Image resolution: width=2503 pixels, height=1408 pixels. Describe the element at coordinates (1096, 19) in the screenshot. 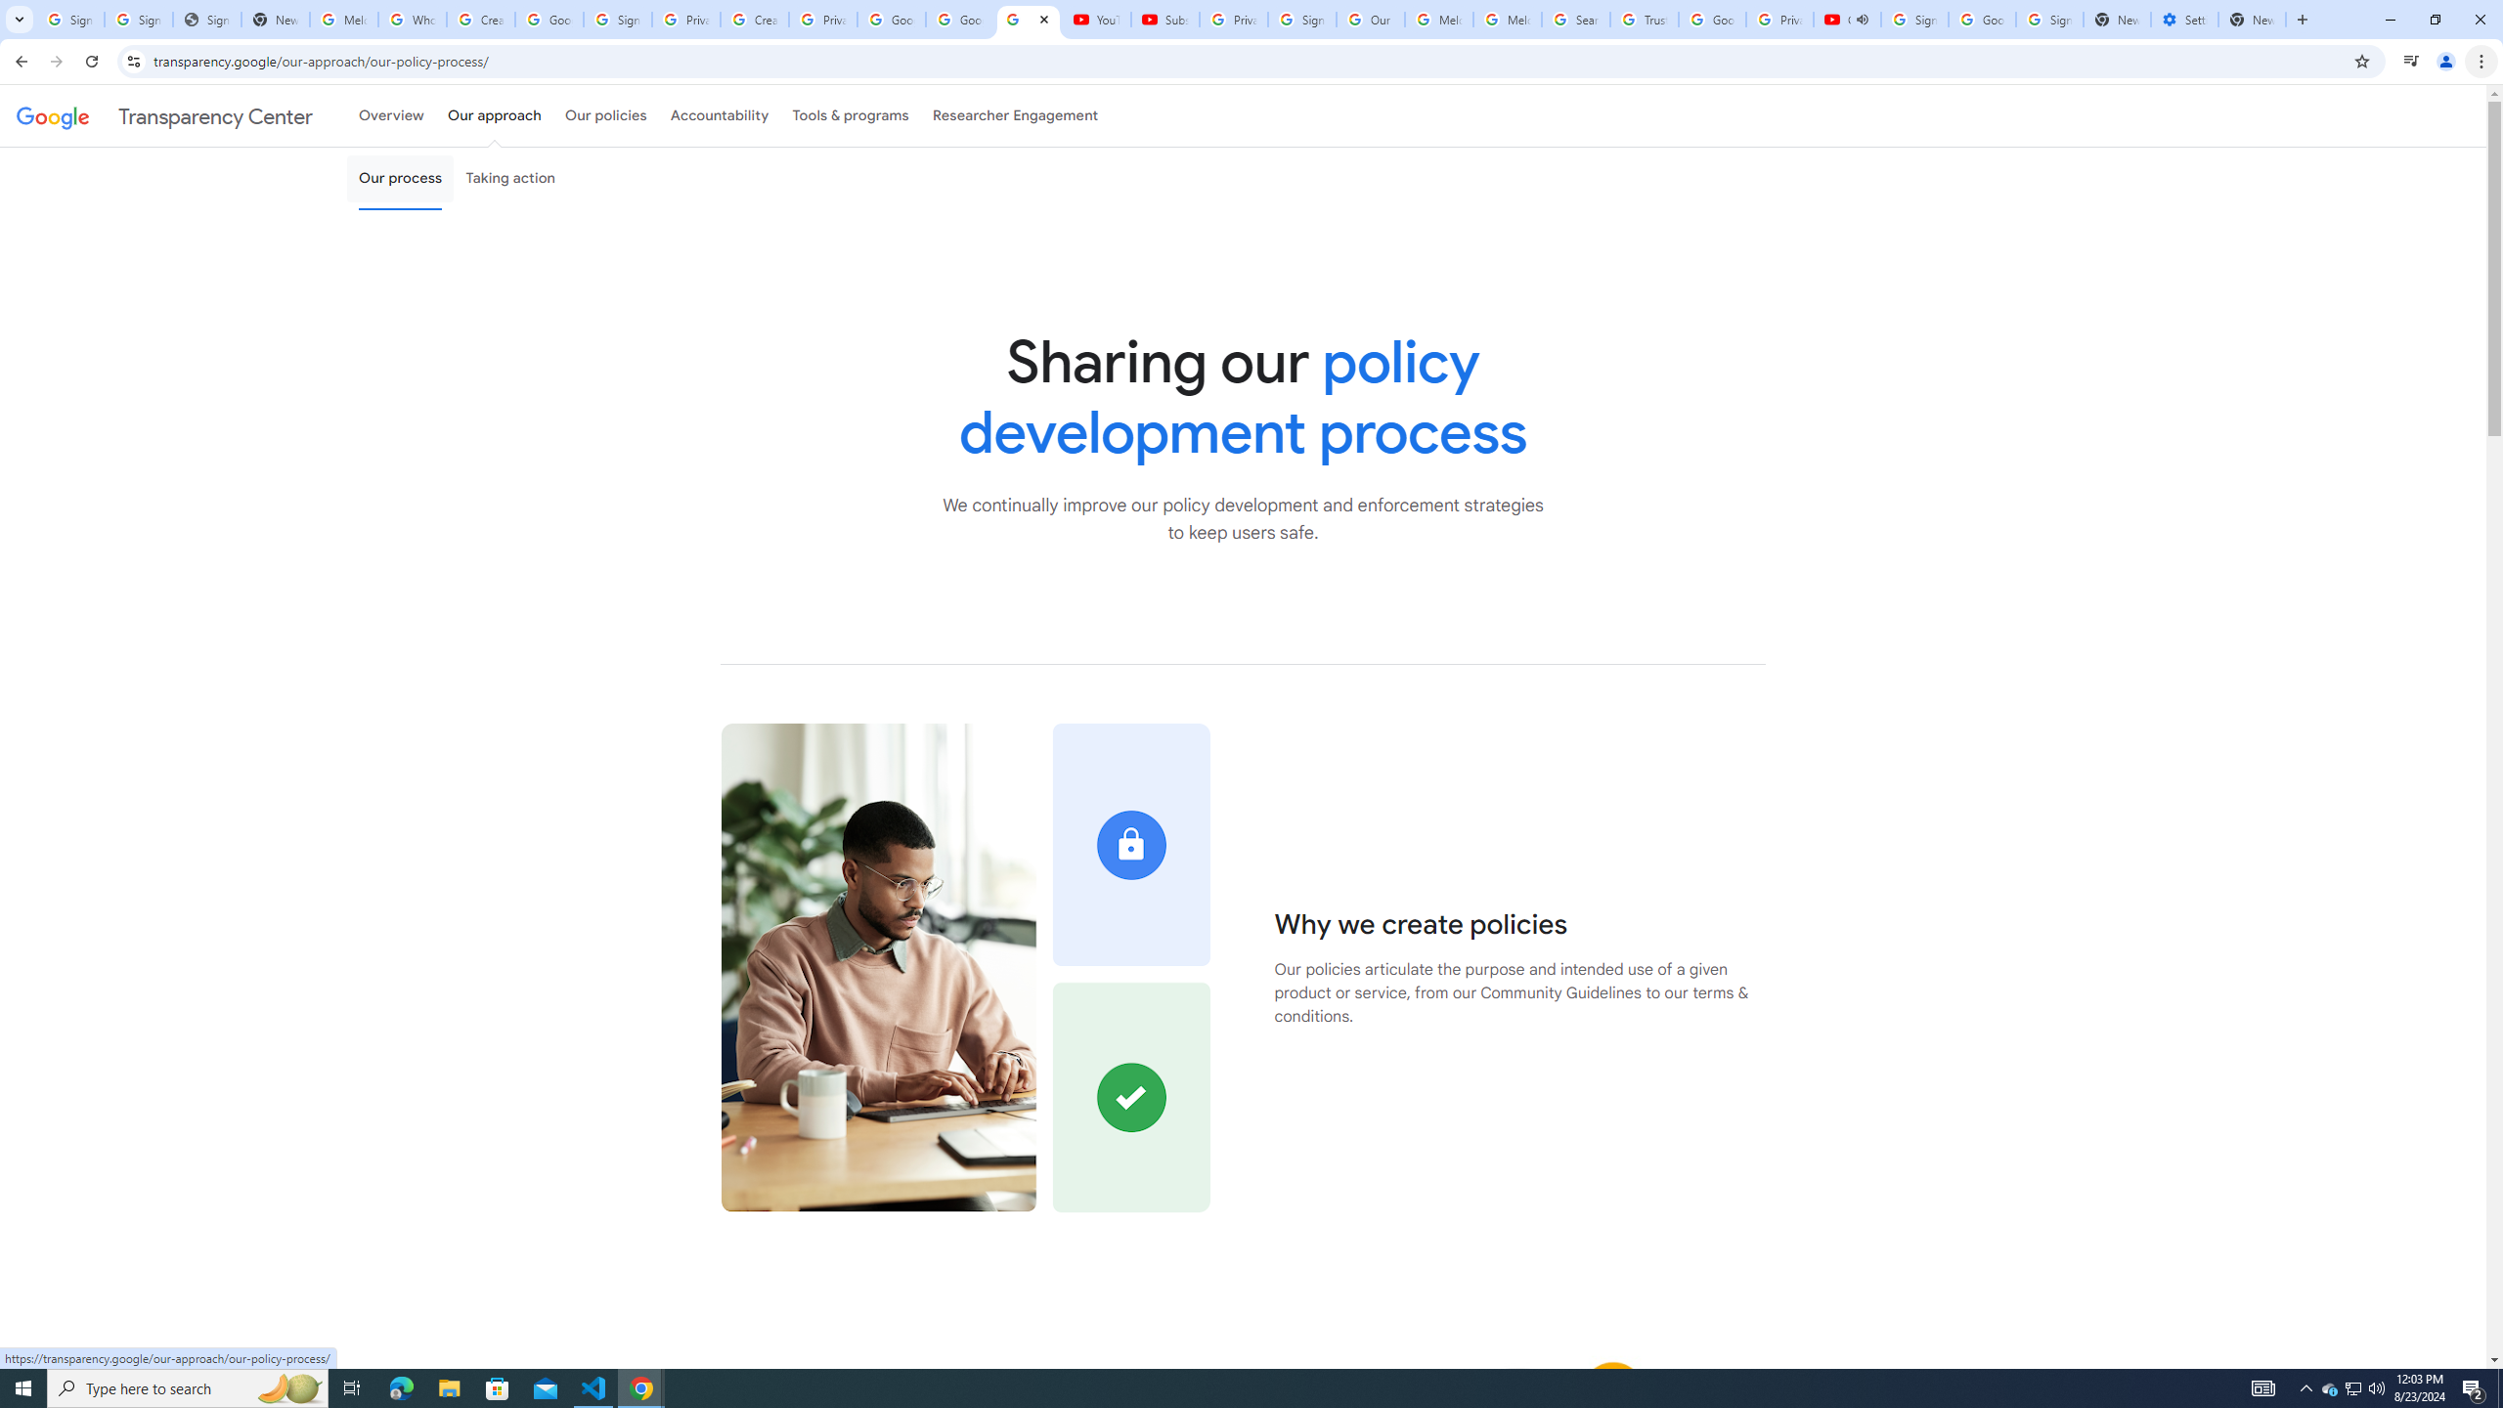

I see `'YouTube'` at that location.